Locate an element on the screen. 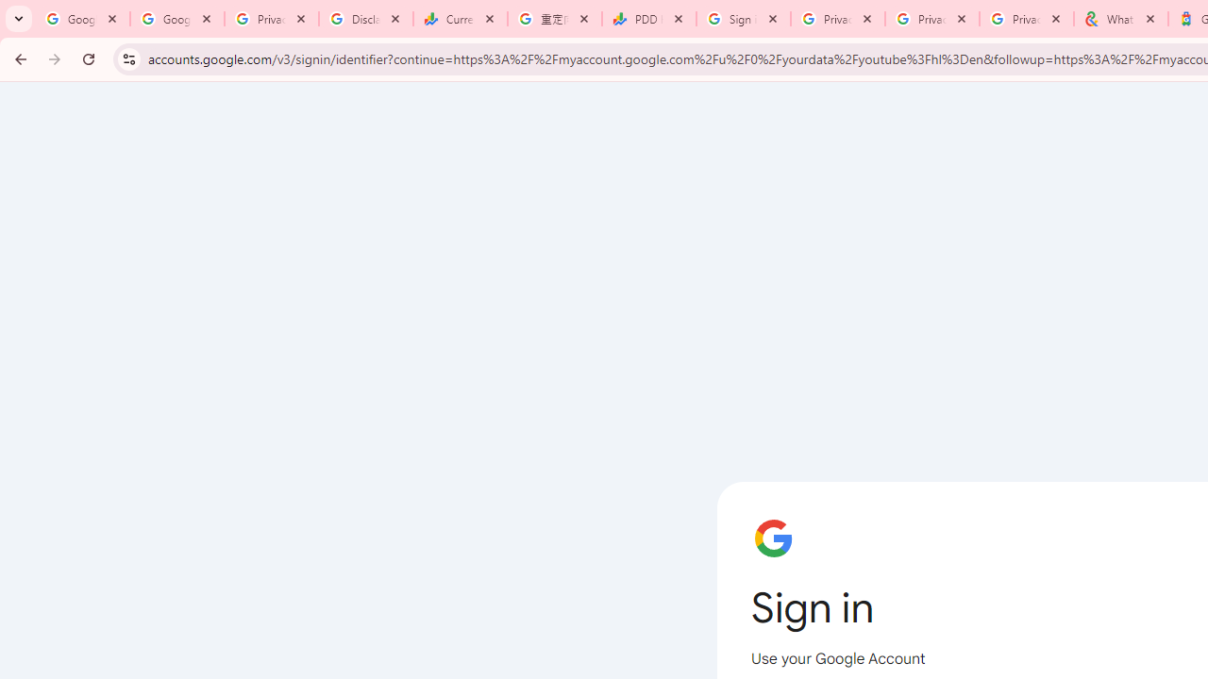  'Sign in - Google Accounts' is located at coordinates (743, 19).